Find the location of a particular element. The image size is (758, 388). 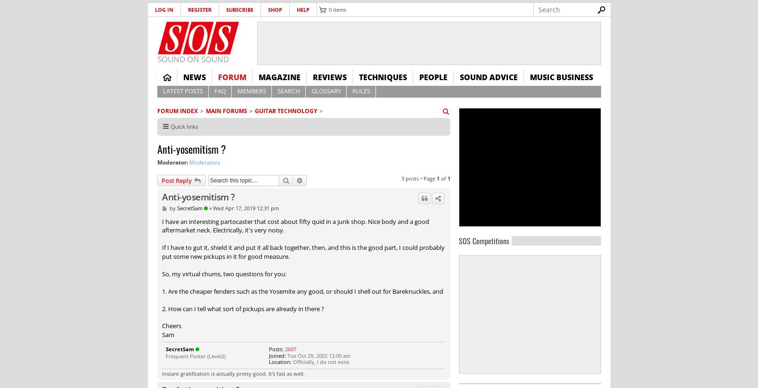

'Forum' is located at coordinates (232, 77).